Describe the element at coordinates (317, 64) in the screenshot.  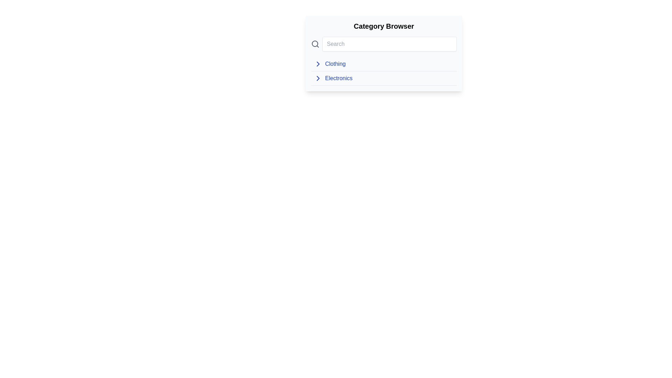
I see `the right-facing chevron icon with a blue stroke adjacent to the text 'Clothing', which indicates navigational functionality` at that location.